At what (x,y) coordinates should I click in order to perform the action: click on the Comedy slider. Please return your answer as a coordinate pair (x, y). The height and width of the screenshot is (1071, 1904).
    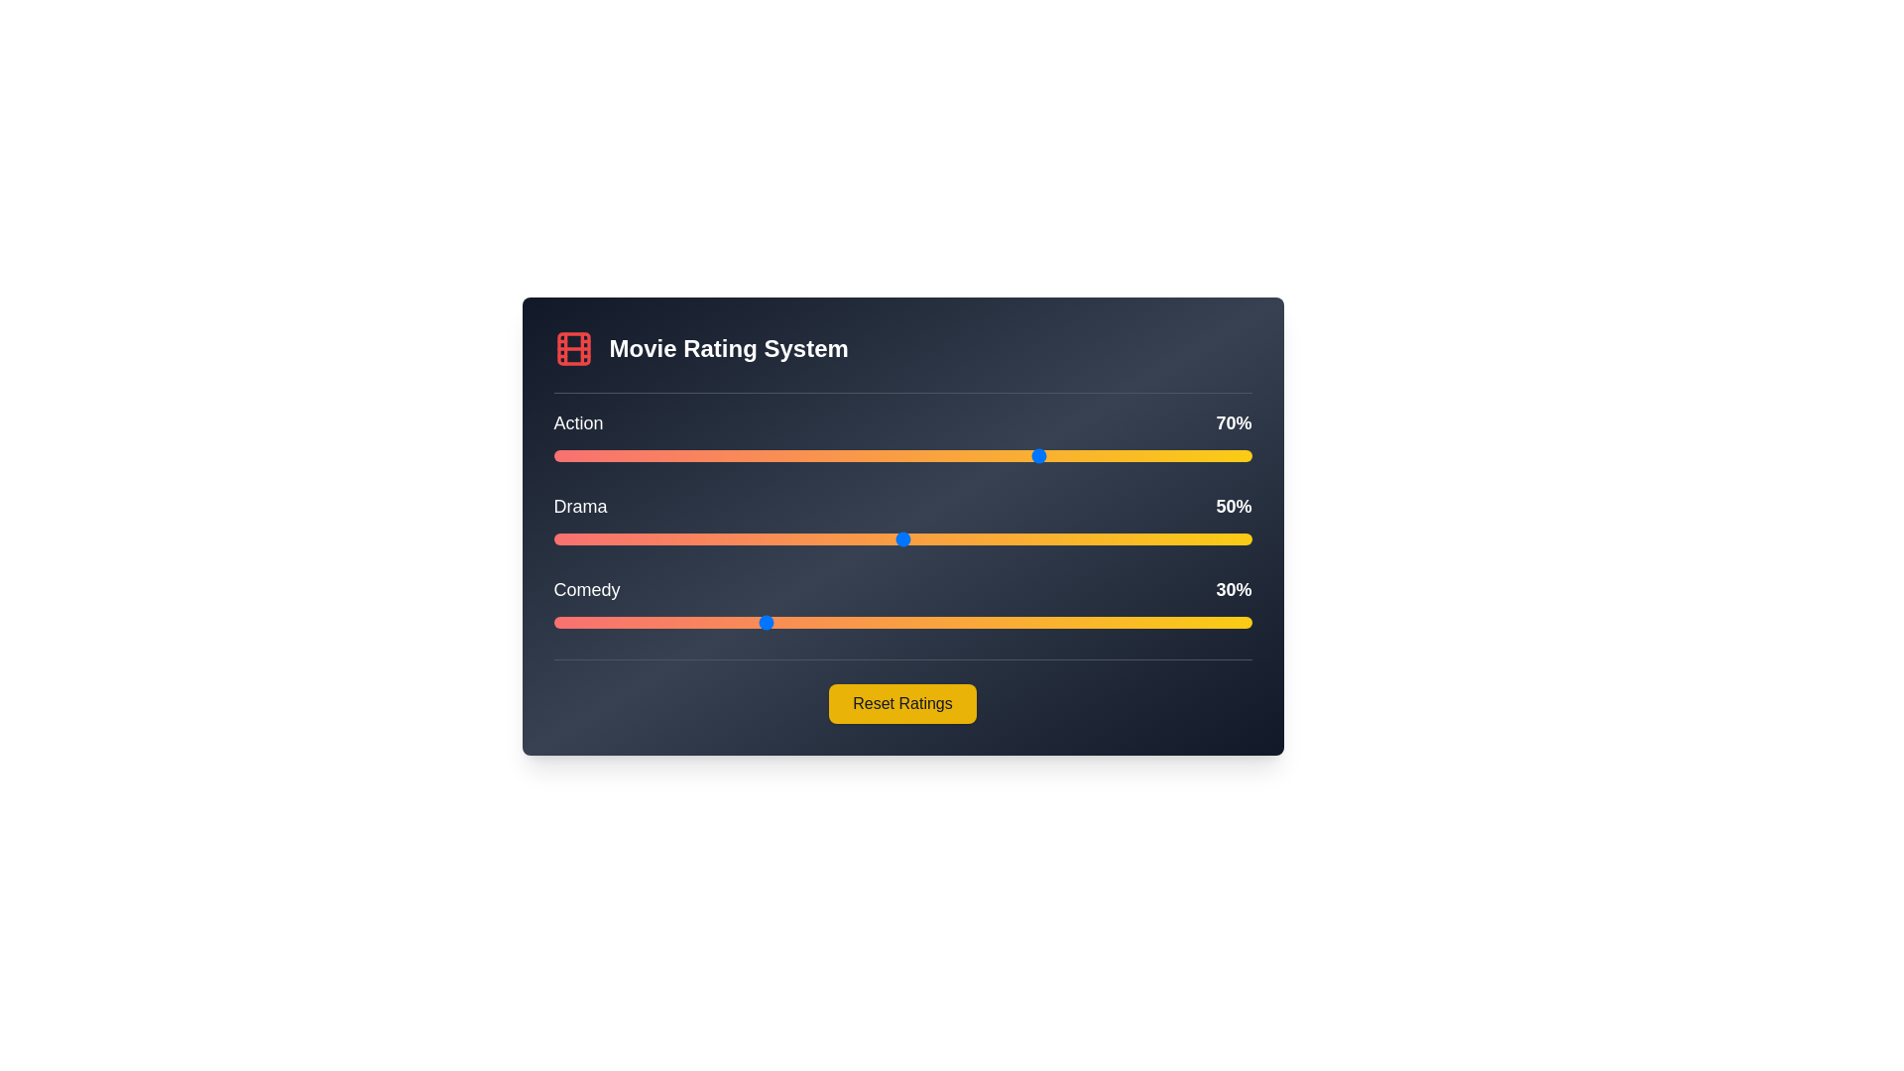
    Looking at the image, I should click on (901, 622).